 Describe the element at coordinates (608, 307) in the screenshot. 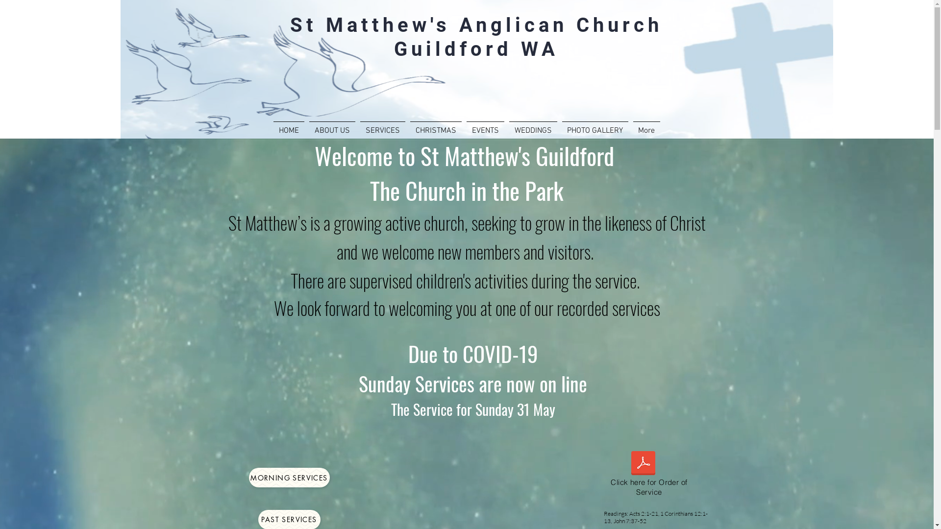

I see `'recorded services'` at that location.